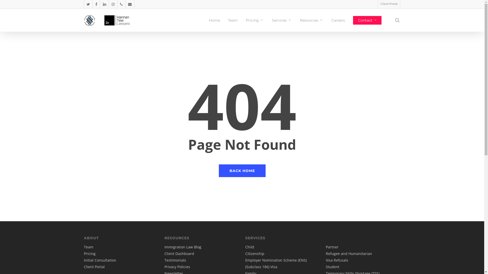 The image size is (488, 274). Describe the element at coordinates (94, 266) in the screenshot. I see `'Client Portal'` at that location.